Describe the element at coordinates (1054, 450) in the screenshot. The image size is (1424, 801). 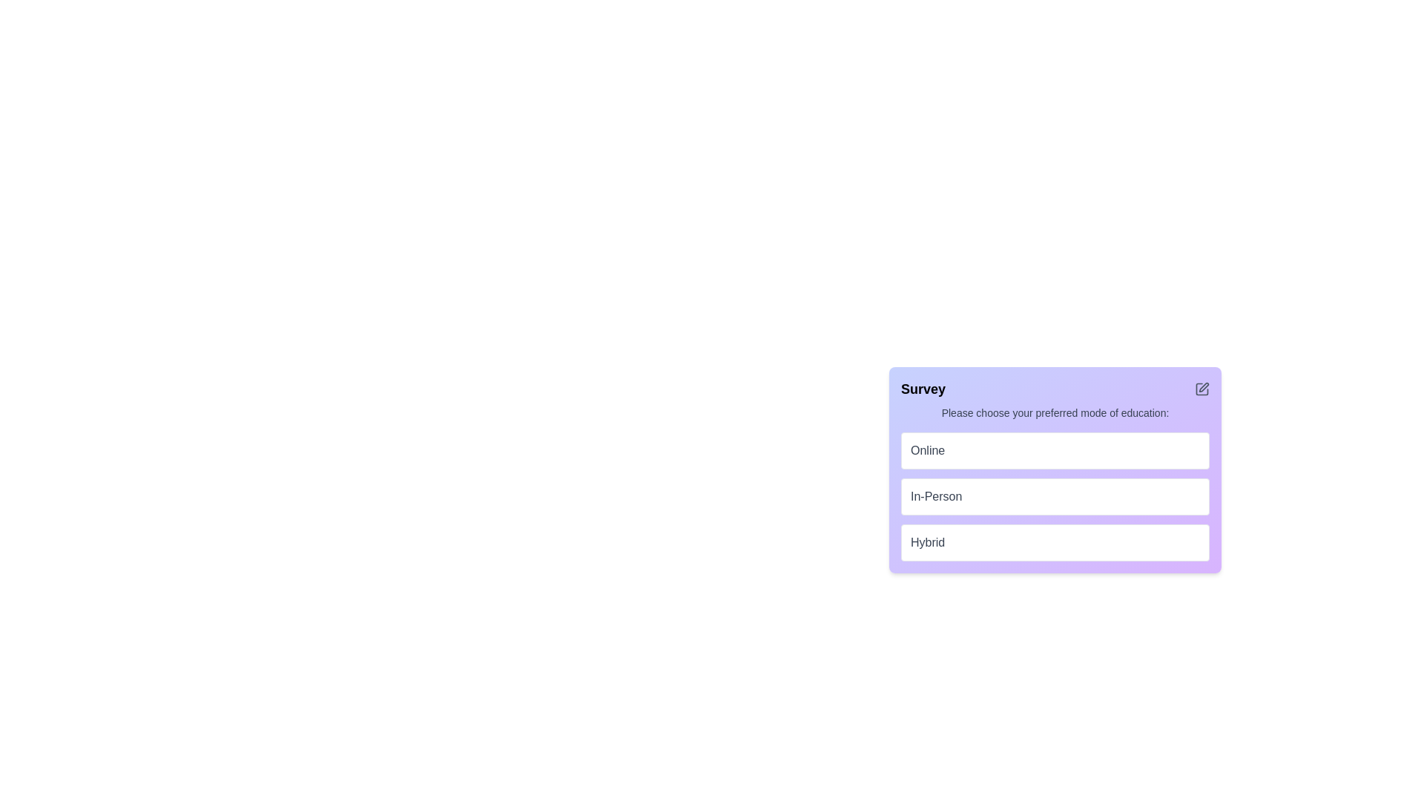
I see `the topmost button labeled 'Online' in the vertically stacked list` at that location.